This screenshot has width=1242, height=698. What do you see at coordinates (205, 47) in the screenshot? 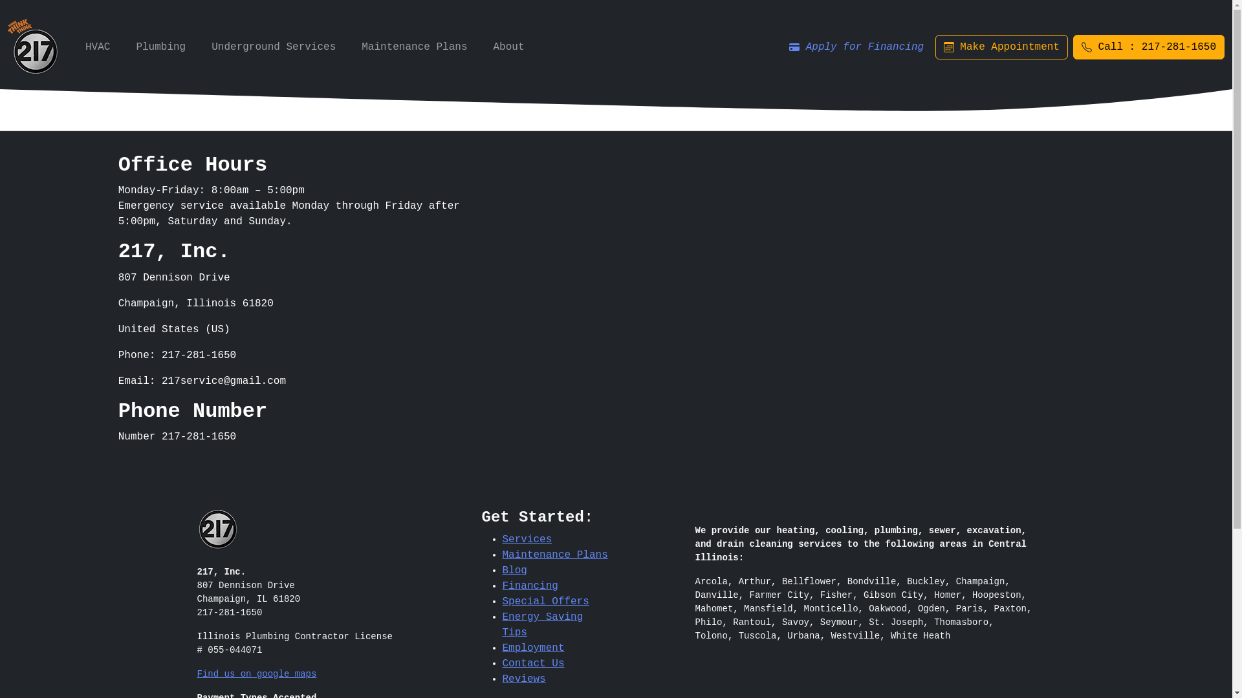
I see `'Underground Services'` at bounding box center [205, 47].